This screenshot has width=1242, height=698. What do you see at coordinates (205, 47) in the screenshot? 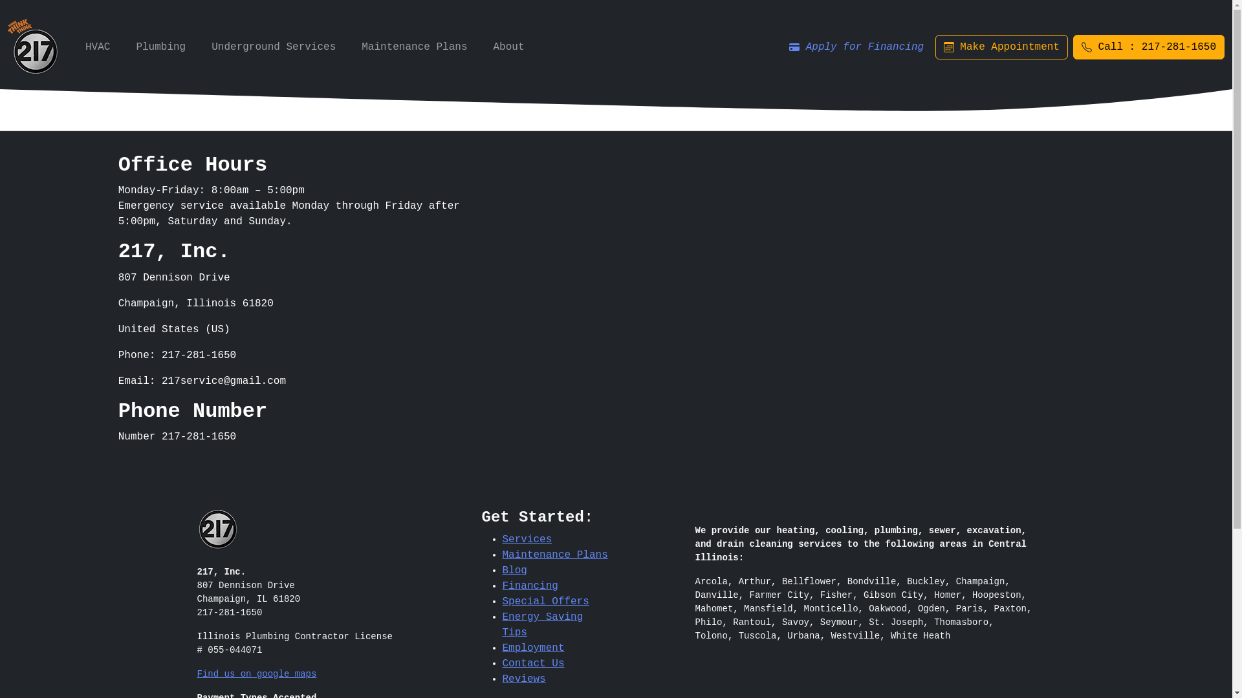
I see `'Underground Services'` at bounding box center [205, 47].